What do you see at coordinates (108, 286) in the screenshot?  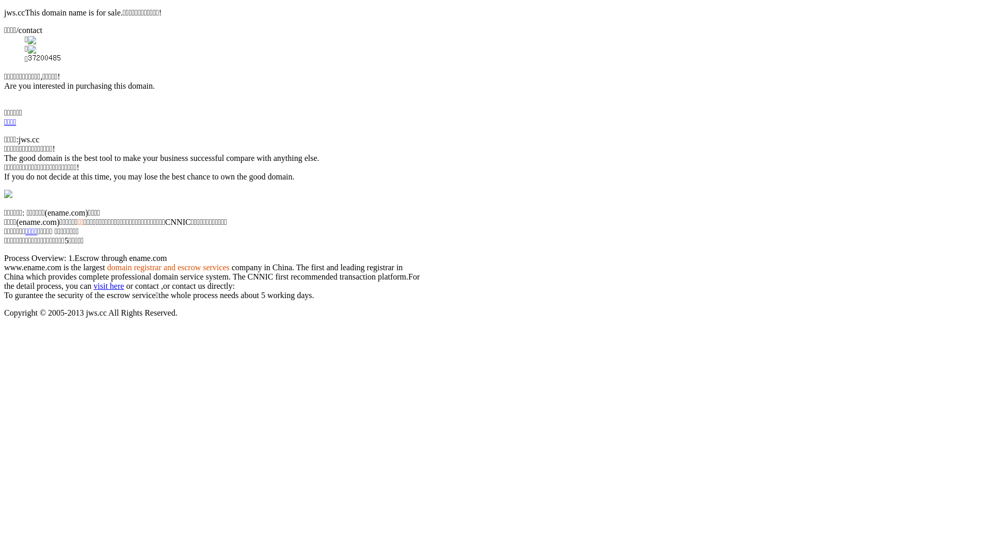 I see `'visit here'` at bounding box center [108, 286].